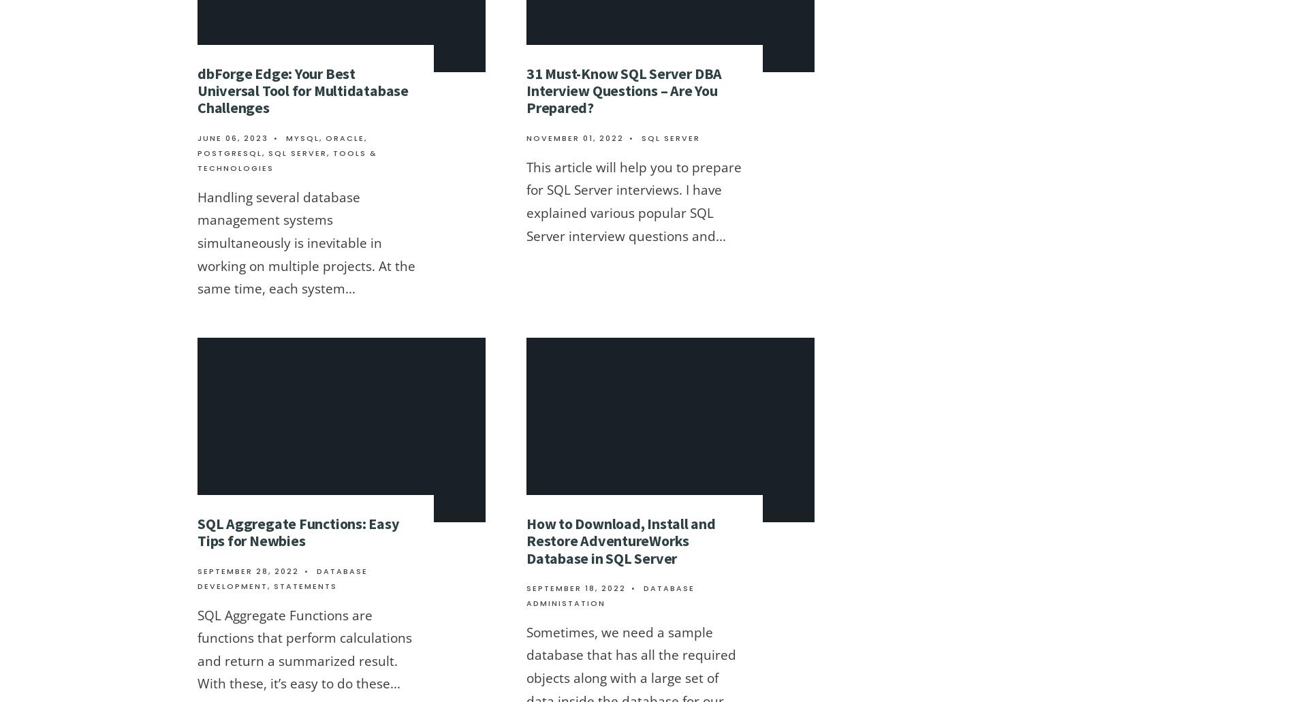 Image resolution: width=1294 pixels, height=702 pixels. What do you see at coordinates (286, 159) in the screenshot?
I see `'Tools & technologies'` at bounding box center [286, 159].